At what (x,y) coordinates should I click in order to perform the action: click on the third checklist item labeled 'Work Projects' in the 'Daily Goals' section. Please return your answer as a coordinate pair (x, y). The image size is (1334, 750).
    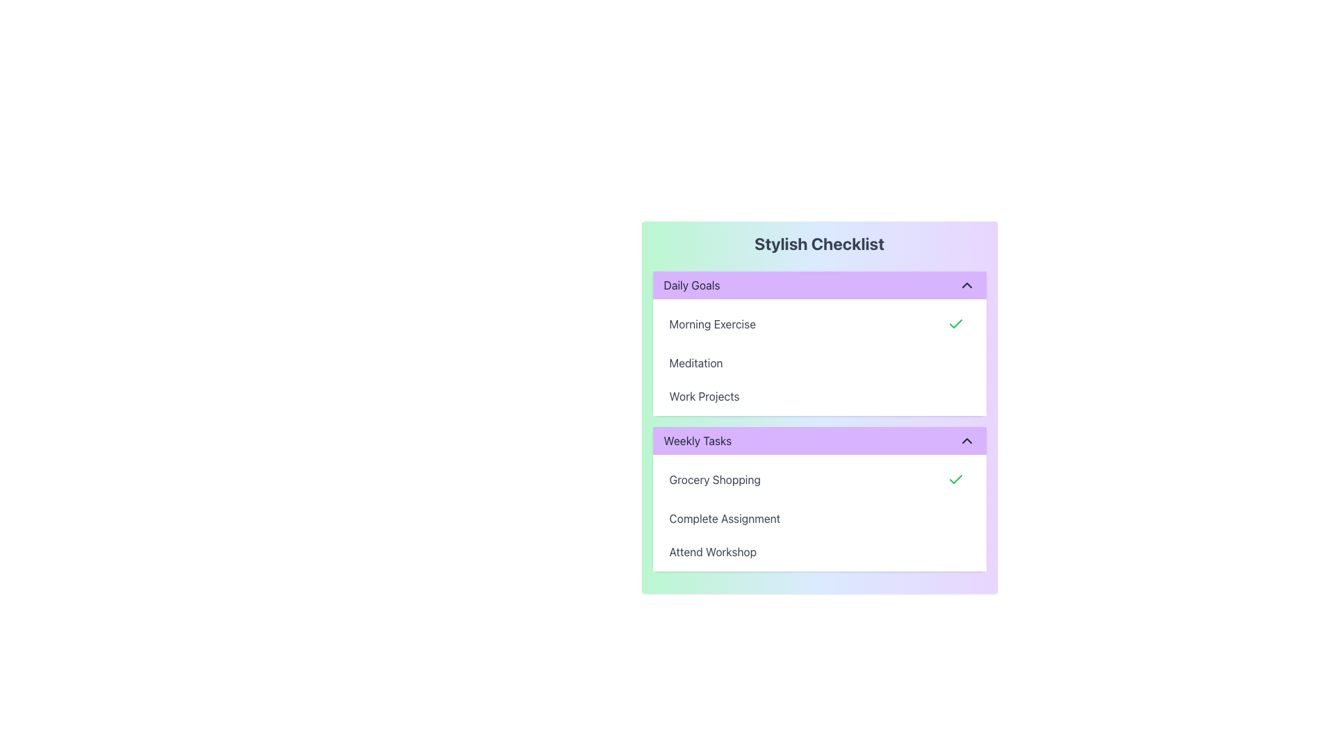
    Looking at the image, I should click on (819, 396).